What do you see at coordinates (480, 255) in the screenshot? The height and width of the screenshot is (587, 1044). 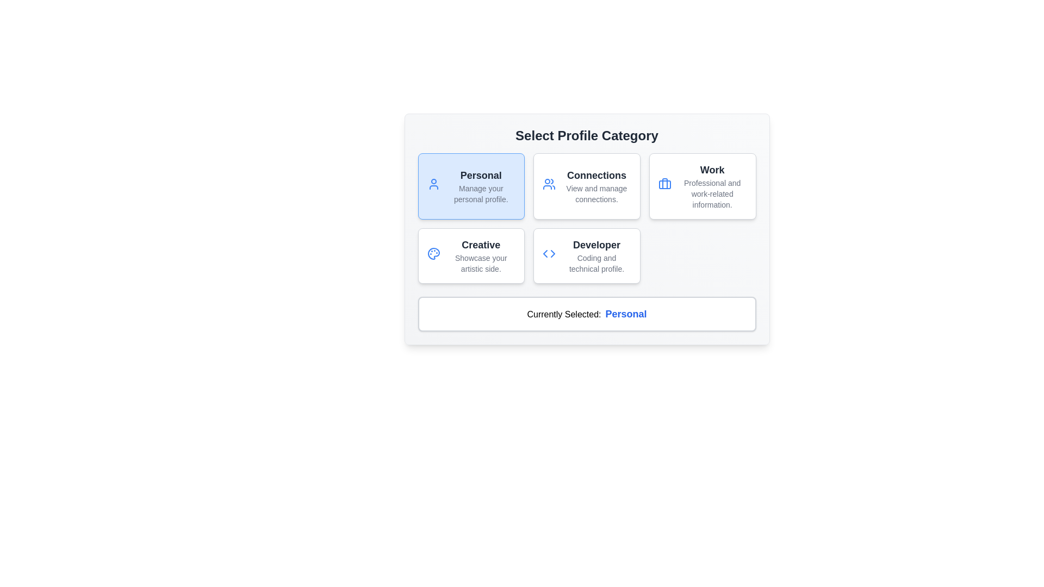 I see `the category card in the lower-left quadrant of the grid layout` at bounding box center [480, 255].